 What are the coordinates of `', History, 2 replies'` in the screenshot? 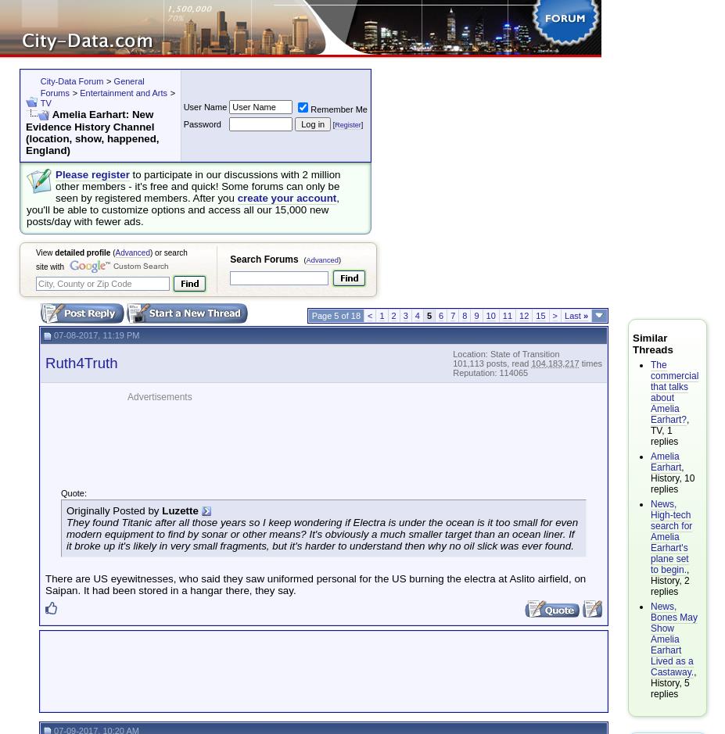 It's located at (650, 579).